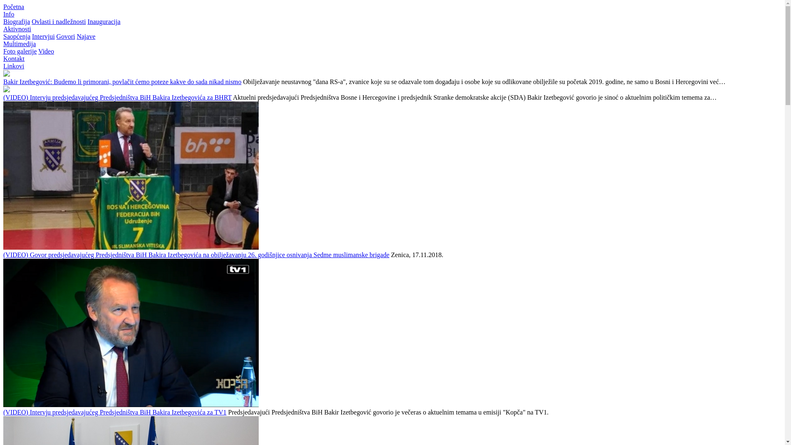  Describe the element at coordinates (16, 21) in the screenshot. I see `'Biografija'` at that location.